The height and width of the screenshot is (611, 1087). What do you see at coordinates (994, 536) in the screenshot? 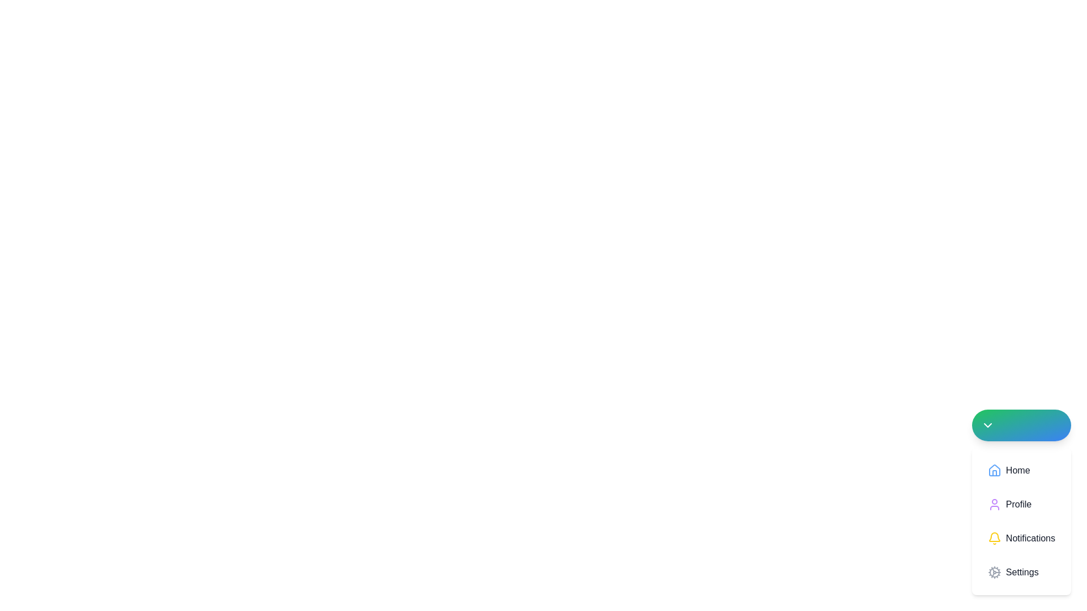
I see `the notification icon located in the third position of the vertical menu, between the 'Profile' and 'Settings' entries` at bounding box center [994, 536].